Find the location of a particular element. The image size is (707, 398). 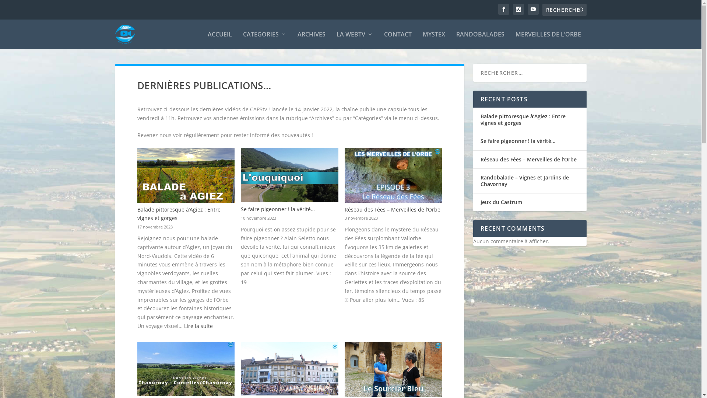

'RANDOBALADES' is located at coordinates (455, 40).